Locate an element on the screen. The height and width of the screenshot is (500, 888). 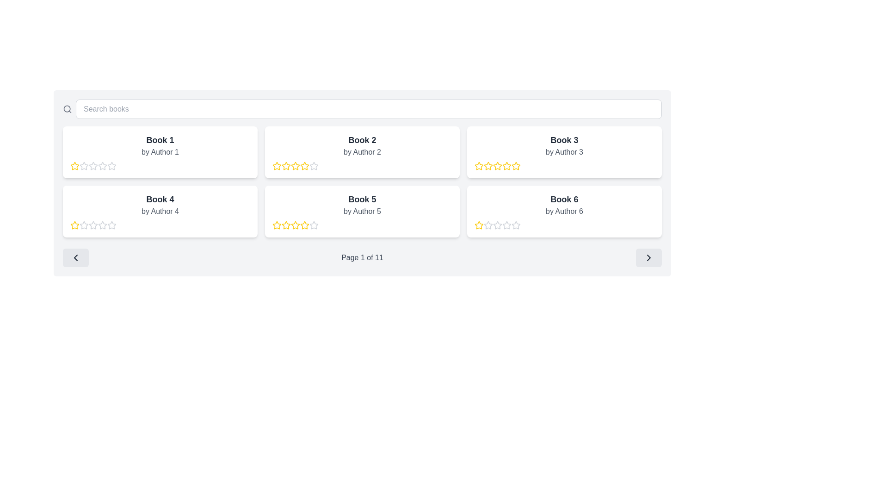
the second star icon in the rating bar for 'Book 1' by 'Author 1' is located at coordinates (93, 165).